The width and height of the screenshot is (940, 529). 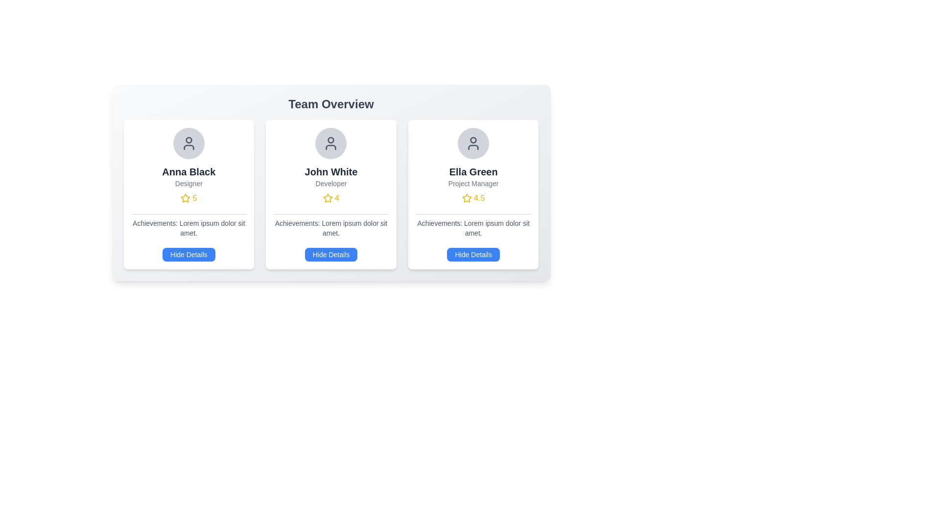 I want to click on the text label that reads 'Project Manager', which is styled with a small font and grey color, located below 'Ella Green' in the third card of team member profiles, so click(x=473, y=183).